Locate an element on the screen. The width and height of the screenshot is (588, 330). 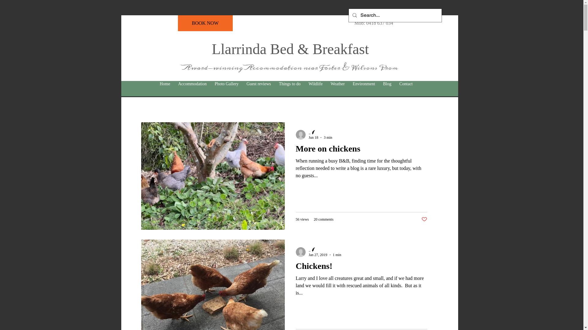
'Guest reviews' is located at coordinates (258, 84).